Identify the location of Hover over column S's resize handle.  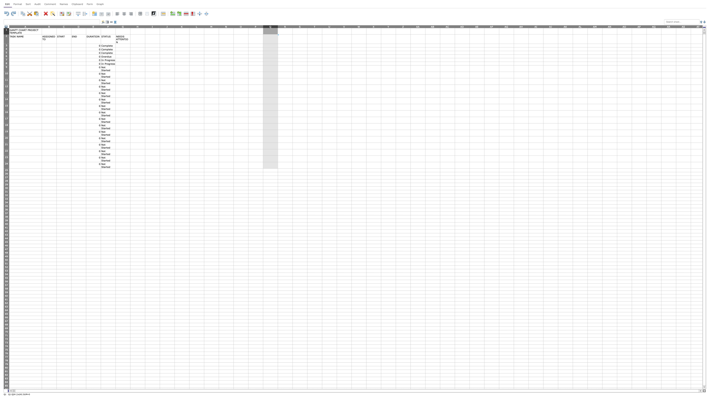
(307, 26).